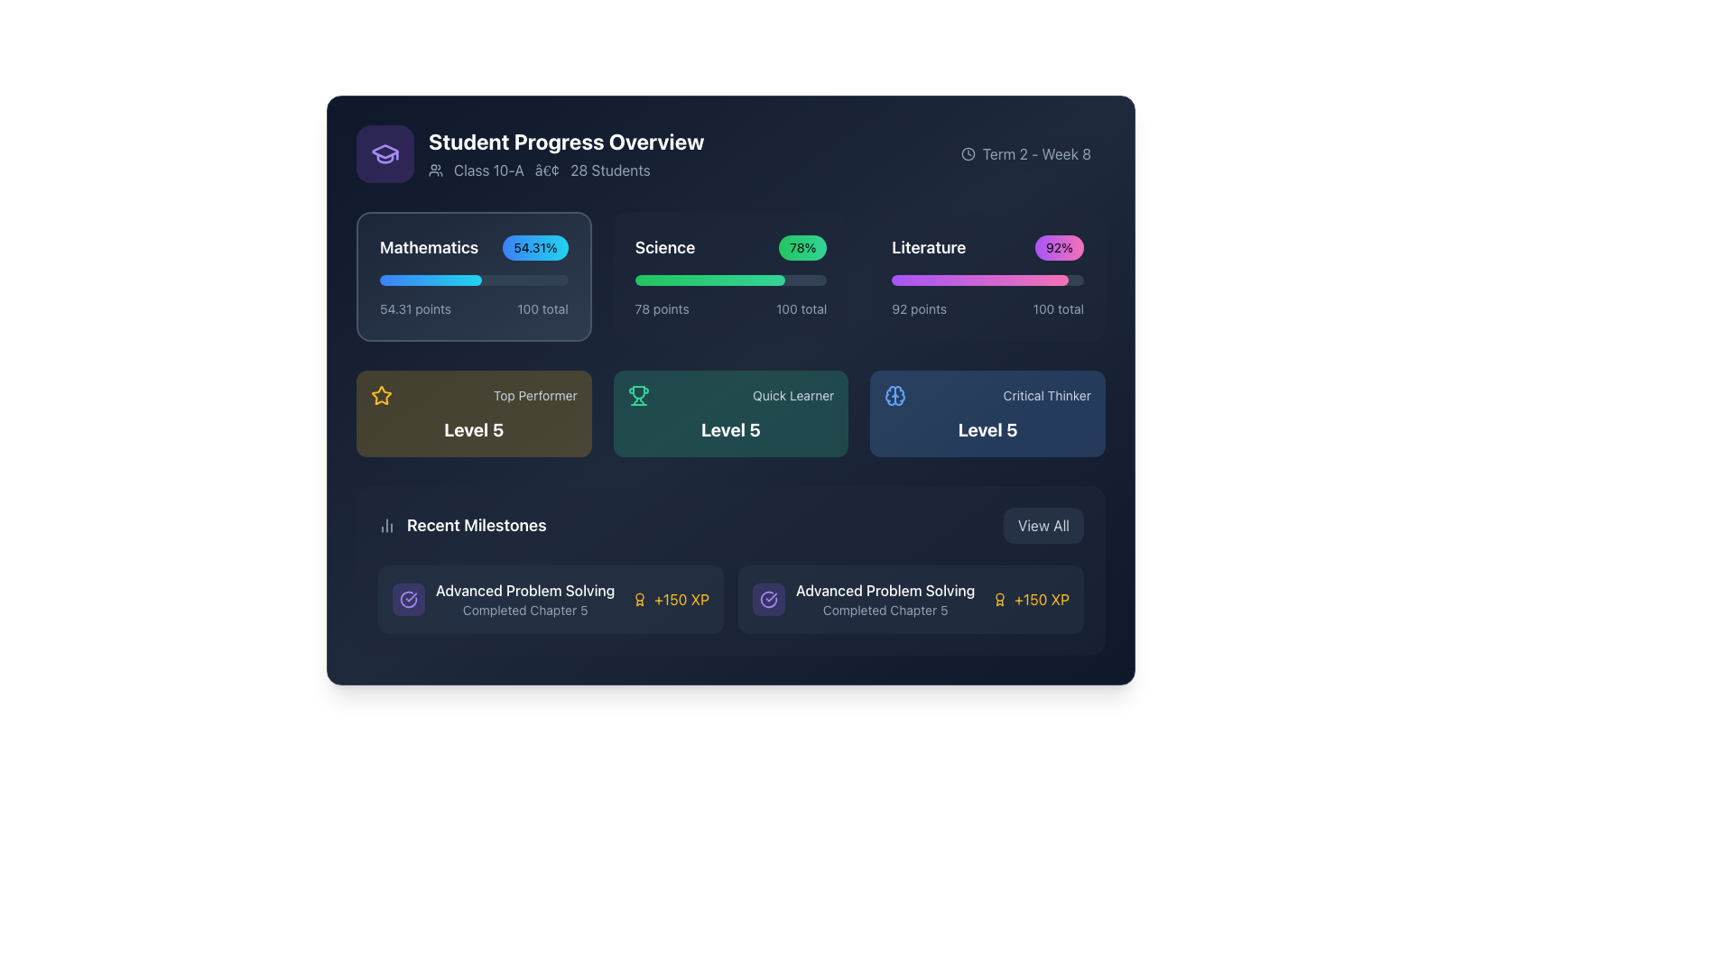  I want to click on the static text label that conveys information about the current term and week progress, located in the top-right section of the interface adjacent to a clock icon, so click(1036, 152).